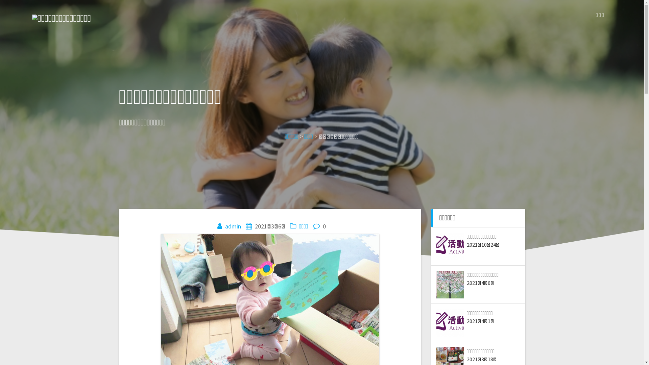 The width and height of the screenshot is (649, 365). I want to click on 'admin', so click(233, 226).